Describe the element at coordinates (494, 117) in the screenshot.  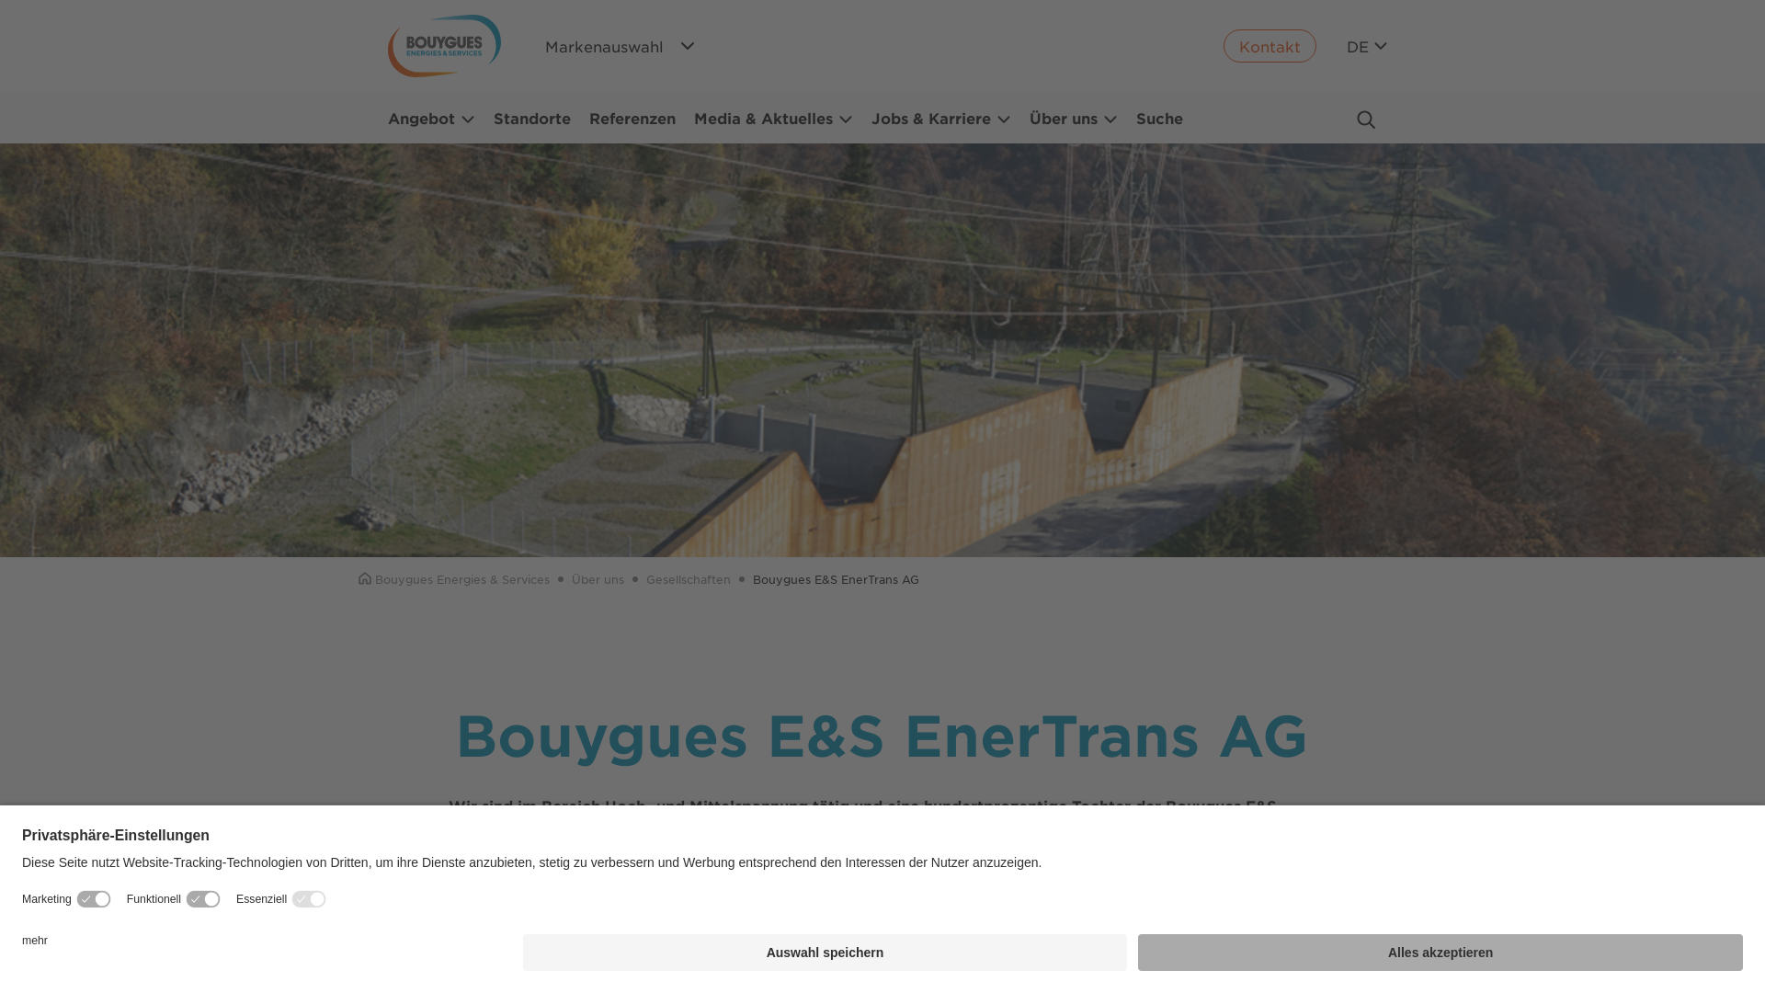
I see `'Standorte'` at that location.